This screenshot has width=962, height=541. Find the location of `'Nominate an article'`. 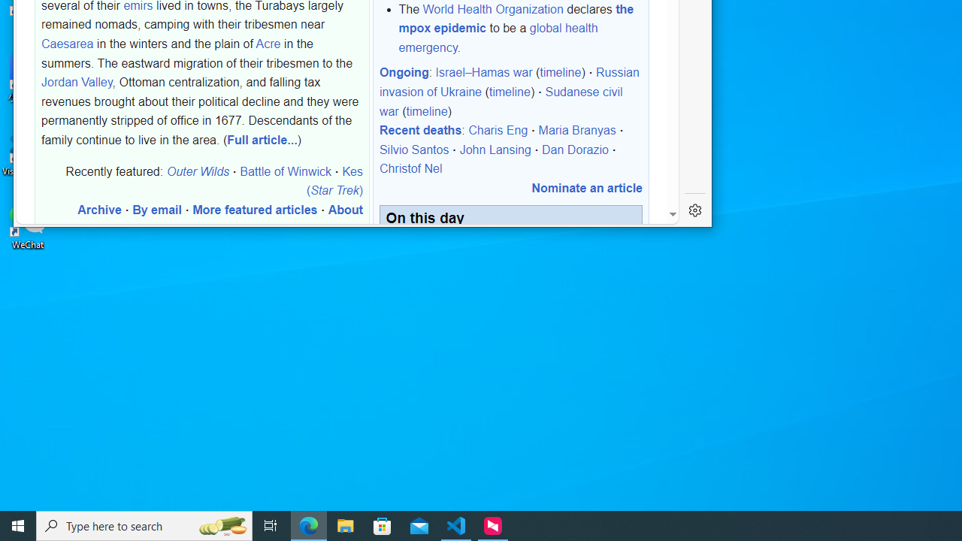

'Nominate an article' is located at coordinates (585, 187).